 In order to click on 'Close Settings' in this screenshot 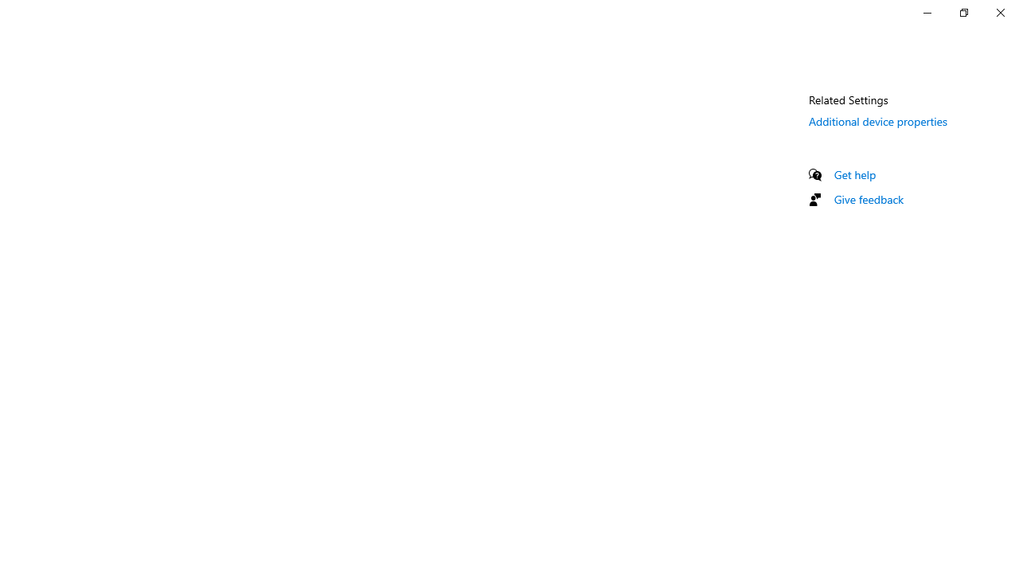, I will do `click(999, 12)`.